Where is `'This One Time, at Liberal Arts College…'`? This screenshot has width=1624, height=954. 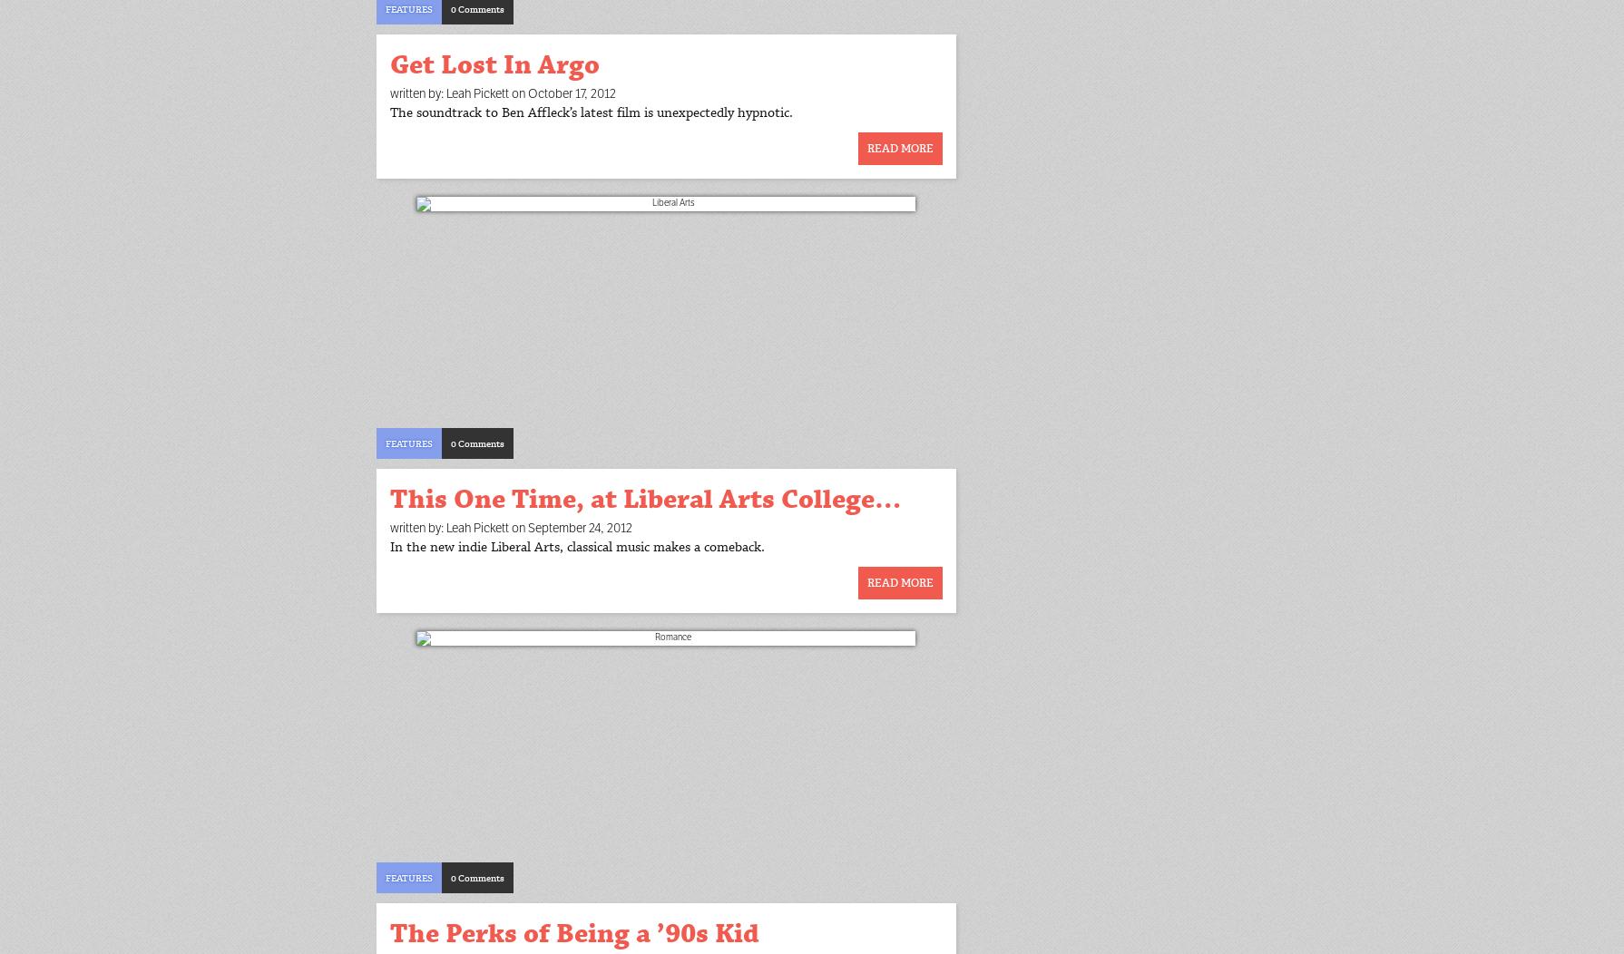
'This One Time, at Liberal Arts College…' is located at coordinates (645, 499).